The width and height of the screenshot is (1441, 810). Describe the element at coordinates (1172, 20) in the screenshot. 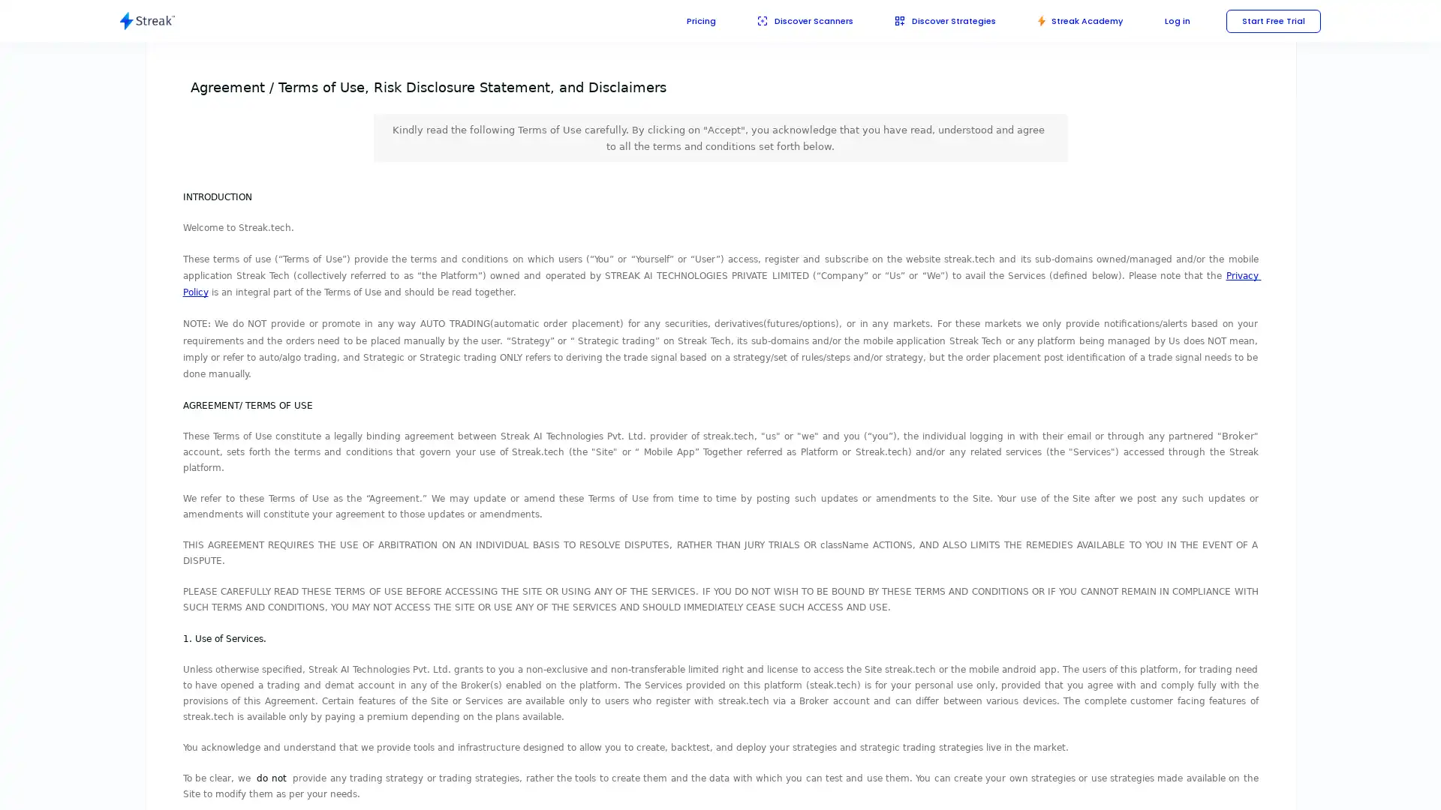

I see `Log in` at that location.